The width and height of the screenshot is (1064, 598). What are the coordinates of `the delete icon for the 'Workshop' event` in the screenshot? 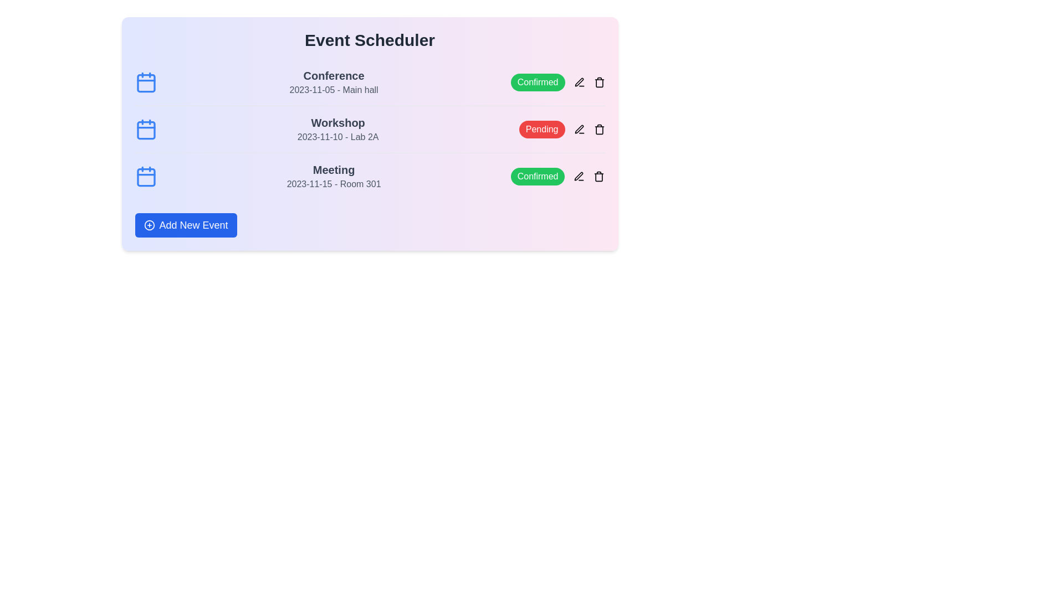 It's located at (598, 129).